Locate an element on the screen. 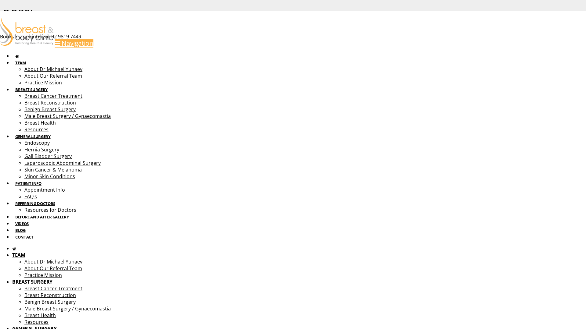 This screenshot has width=586, height=329. 'BLOG' is located at coordinates (20, 229).